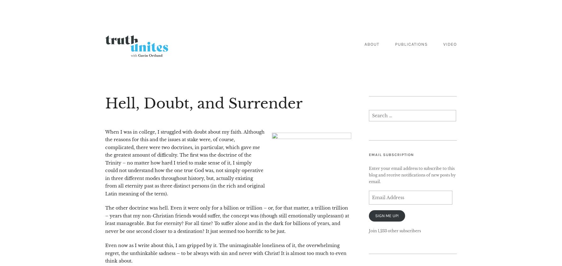 Image resolution: width=562 pixels, height=266 pixels. Describe the element at coordinates (227, 219) in the screenshot. I see `'The other doctrine was hell.  Even it were only for a billion or trillion – or, for that matter, a trillion trillion – years that my non-Christian friends would suffer, the concept was (though still emotionally unpleasant) at least manageable.  But for eternity?  For all time?  To suffer alone and in the dark for billions of years, and never be one second closer to a destination?  It just seemed too horrific to be just.'` at that location.